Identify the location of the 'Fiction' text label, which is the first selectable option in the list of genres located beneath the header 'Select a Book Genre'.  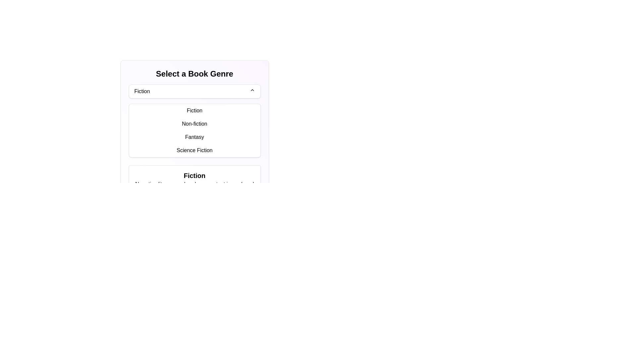
(194, 110).